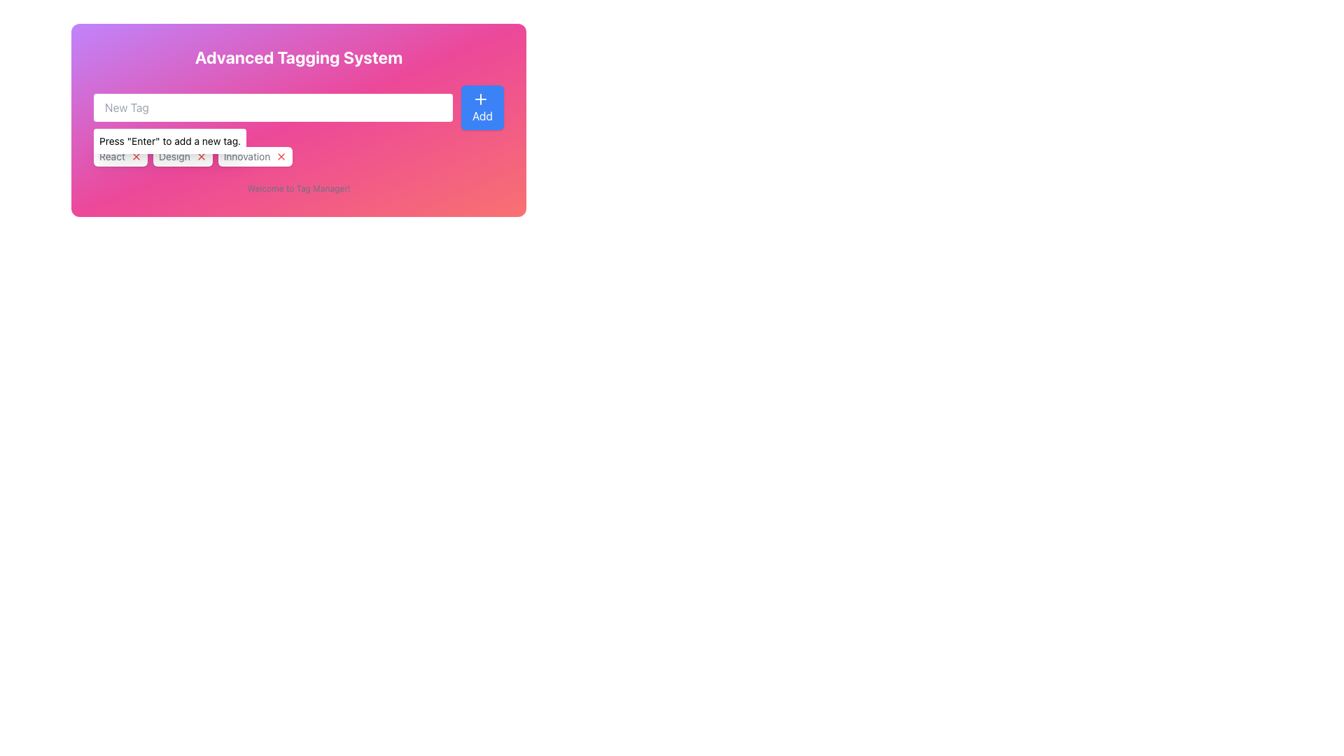  Describe the element at coordinates (480, 99) in the screenshot. I see `the 'Add' icon located at the center of the blue button to perform the hover action` at that location.